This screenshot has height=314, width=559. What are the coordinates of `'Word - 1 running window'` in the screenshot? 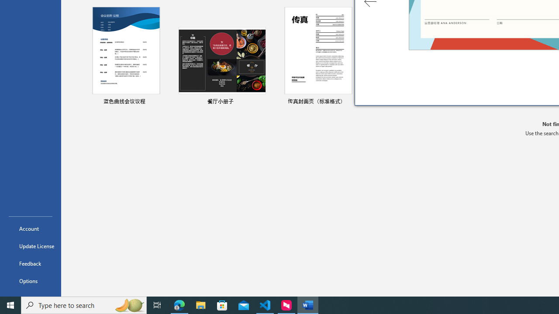 It's located at (308, 304).